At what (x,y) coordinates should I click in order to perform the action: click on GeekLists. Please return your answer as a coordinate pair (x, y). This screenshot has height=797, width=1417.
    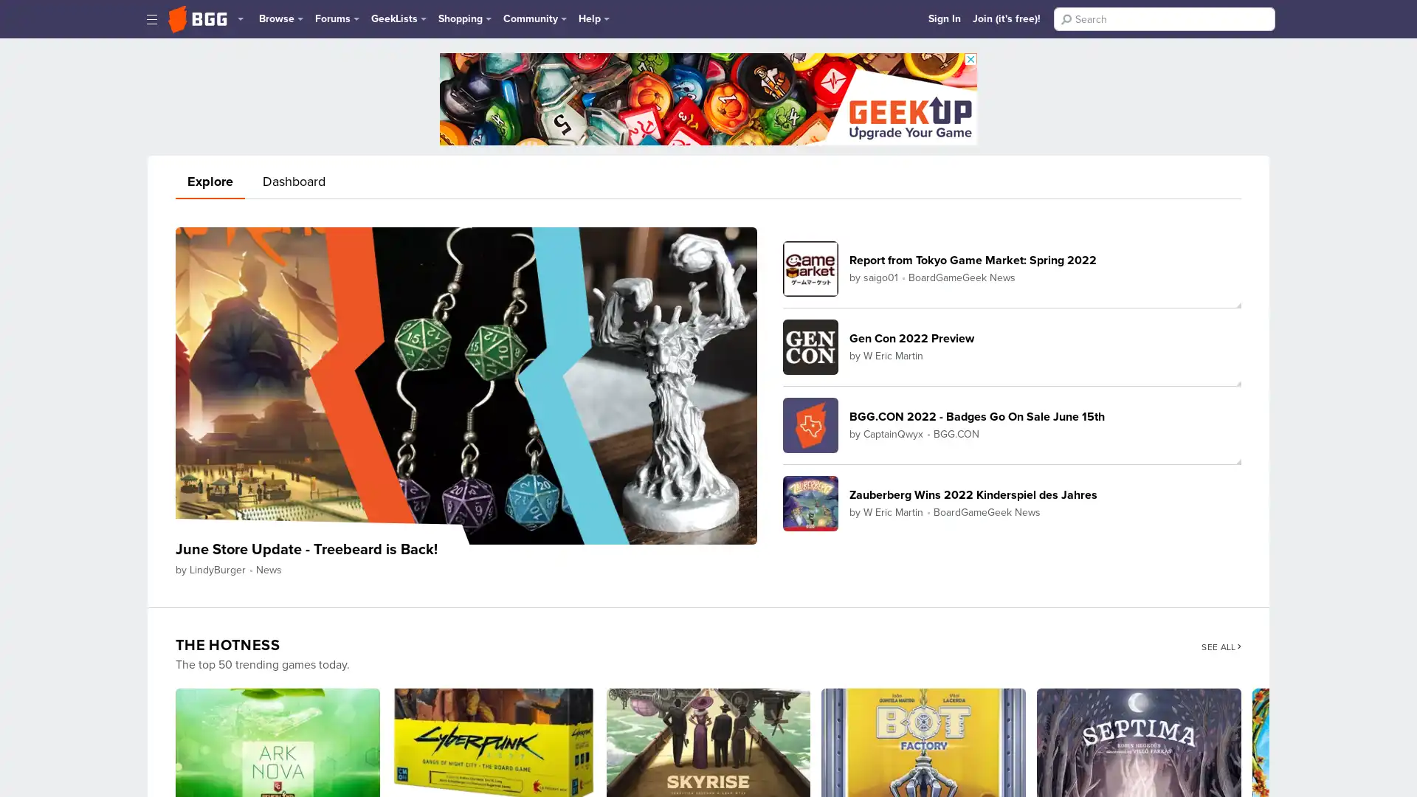
    Looking at the image, I should click on (398, 19).